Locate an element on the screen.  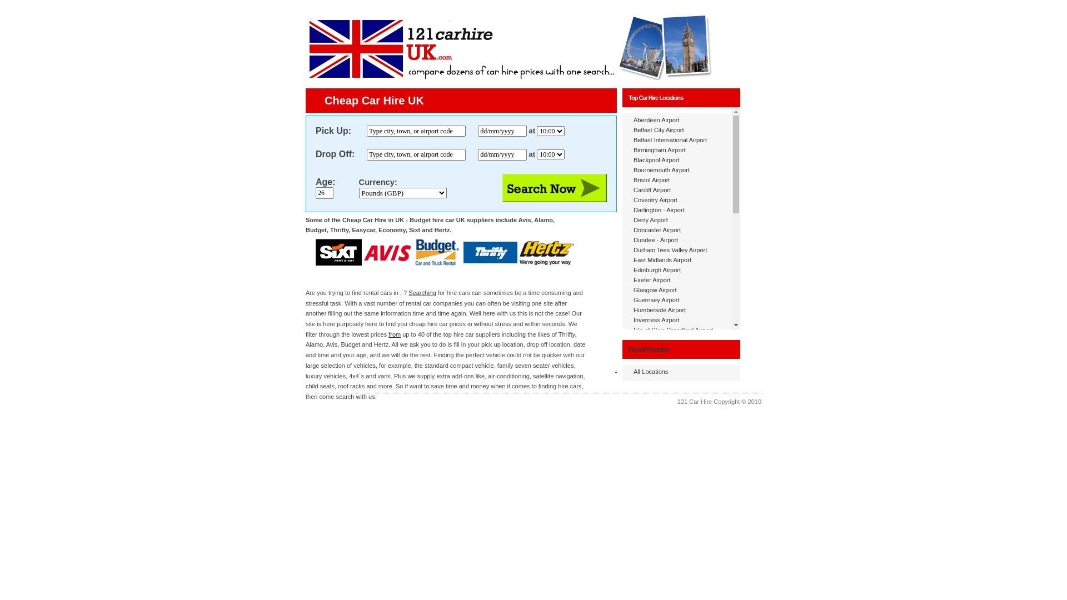
'Searching' is located at coordinates (421, 292).